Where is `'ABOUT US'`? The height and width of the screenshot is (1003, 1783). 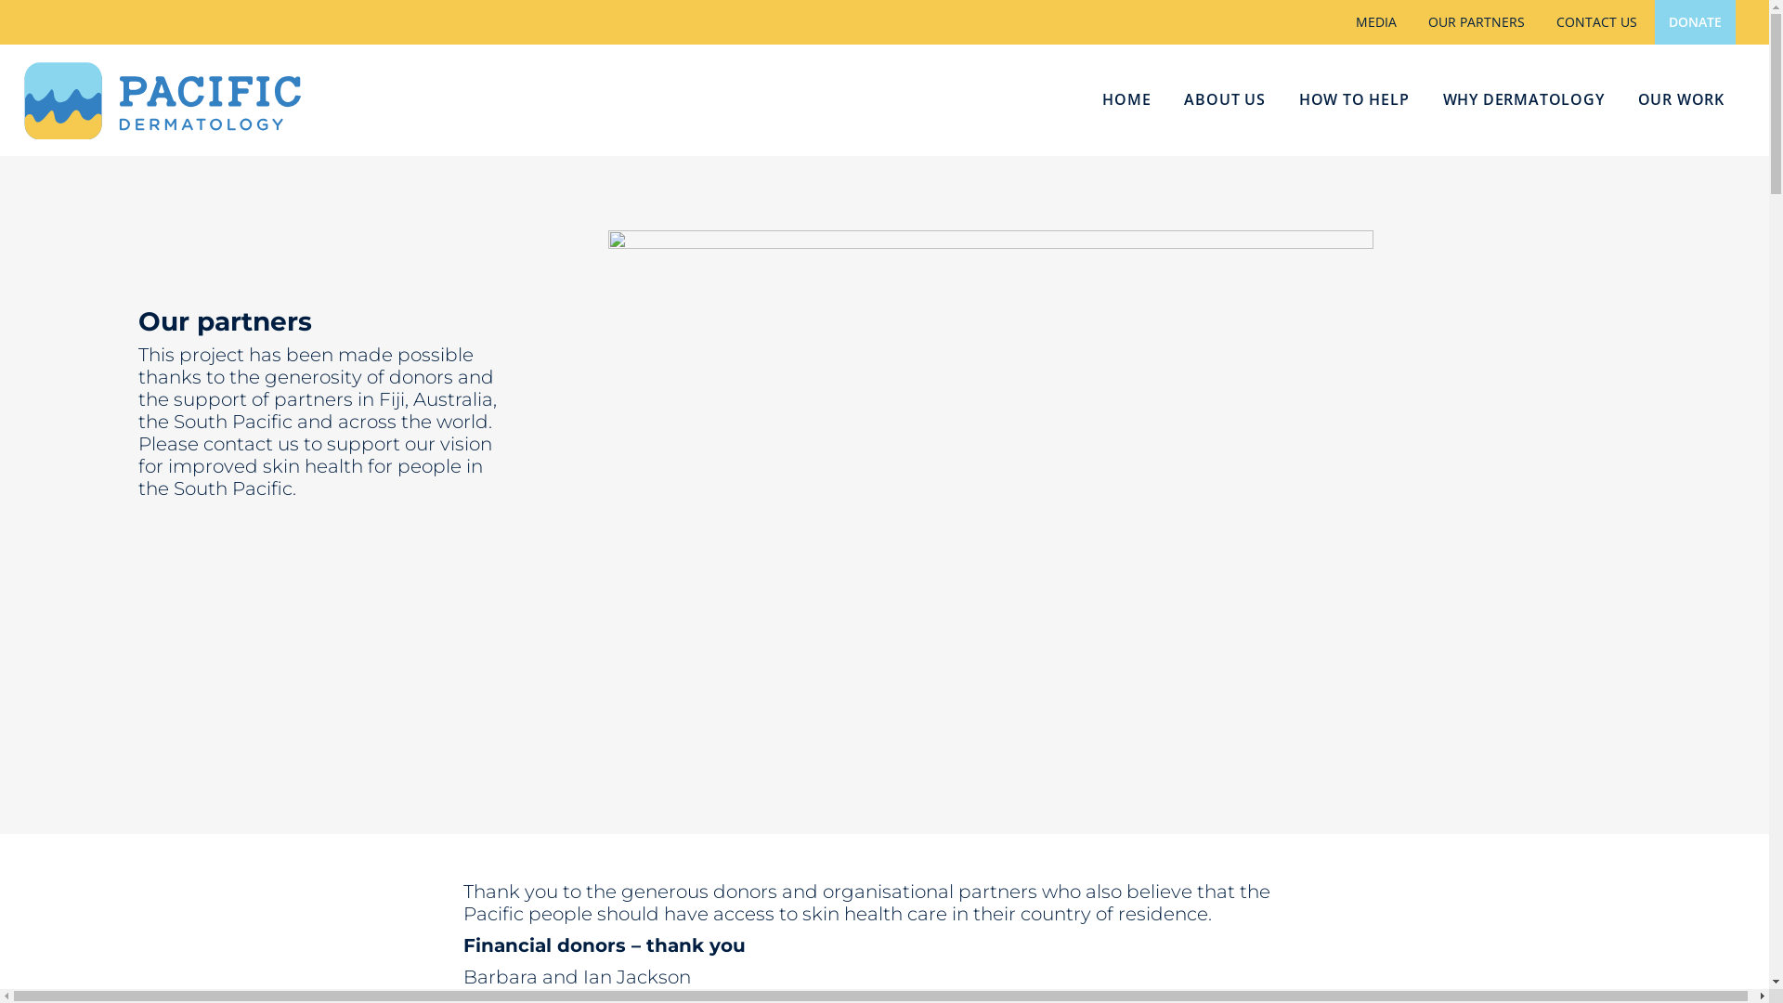 'ABOUT US' is located at coordinates (1224, 100).